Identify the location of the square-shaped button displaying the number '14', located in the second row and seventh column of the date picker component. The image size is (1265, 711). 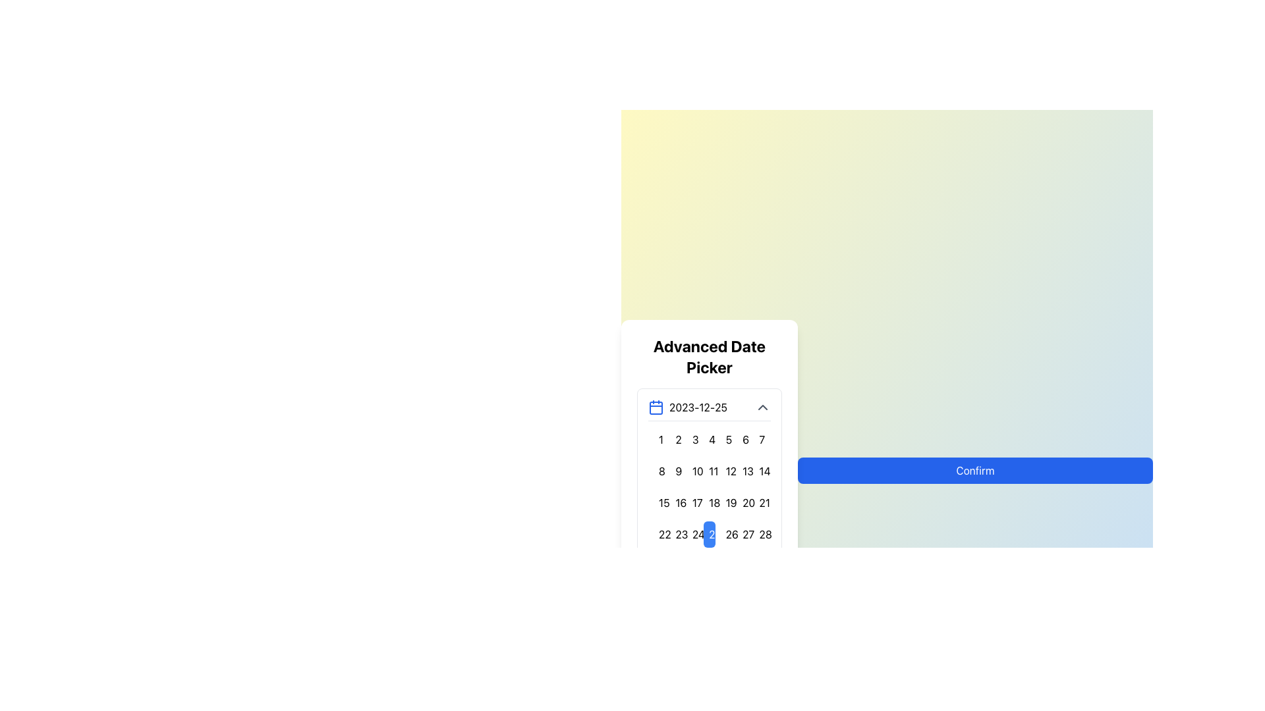
(760, 470).